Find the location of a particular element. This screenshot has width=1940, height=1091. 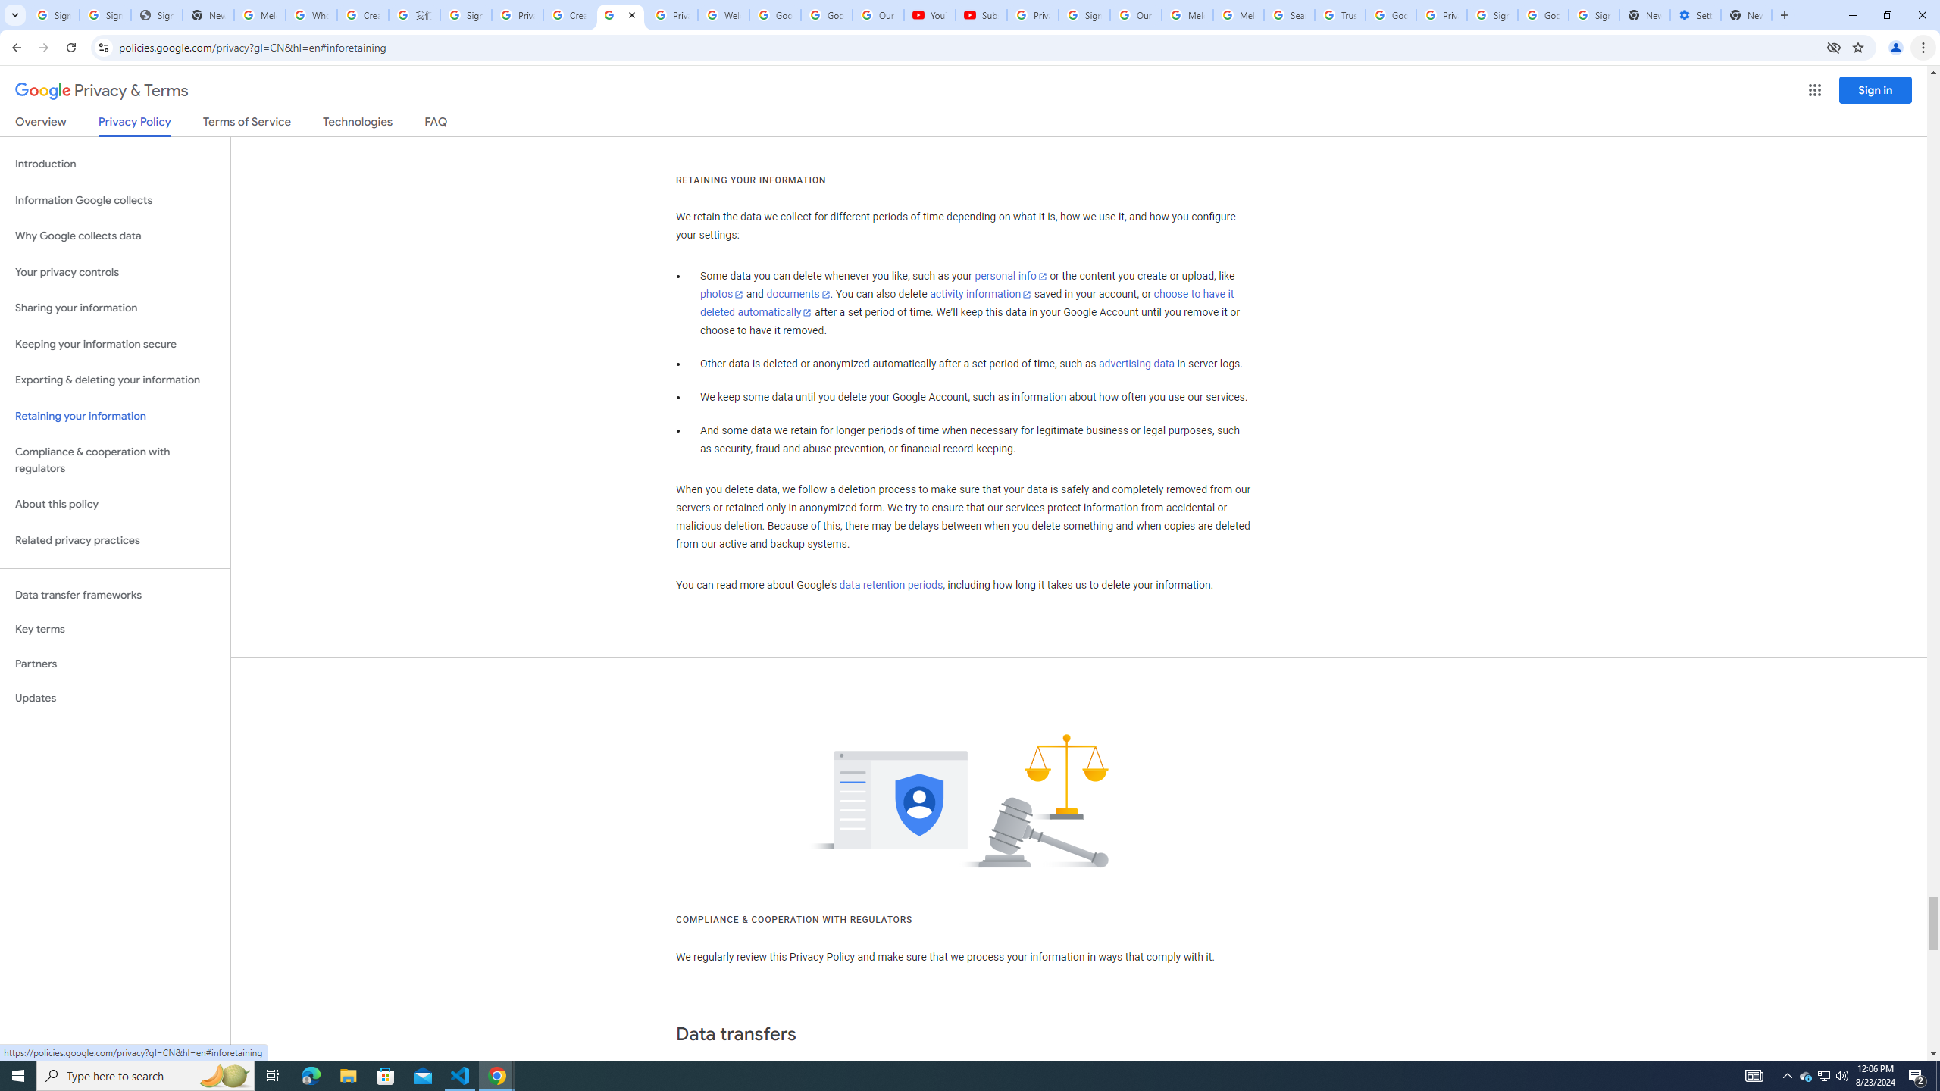

'Google Ads - Sign in' is located at coordinates (1390, 14).